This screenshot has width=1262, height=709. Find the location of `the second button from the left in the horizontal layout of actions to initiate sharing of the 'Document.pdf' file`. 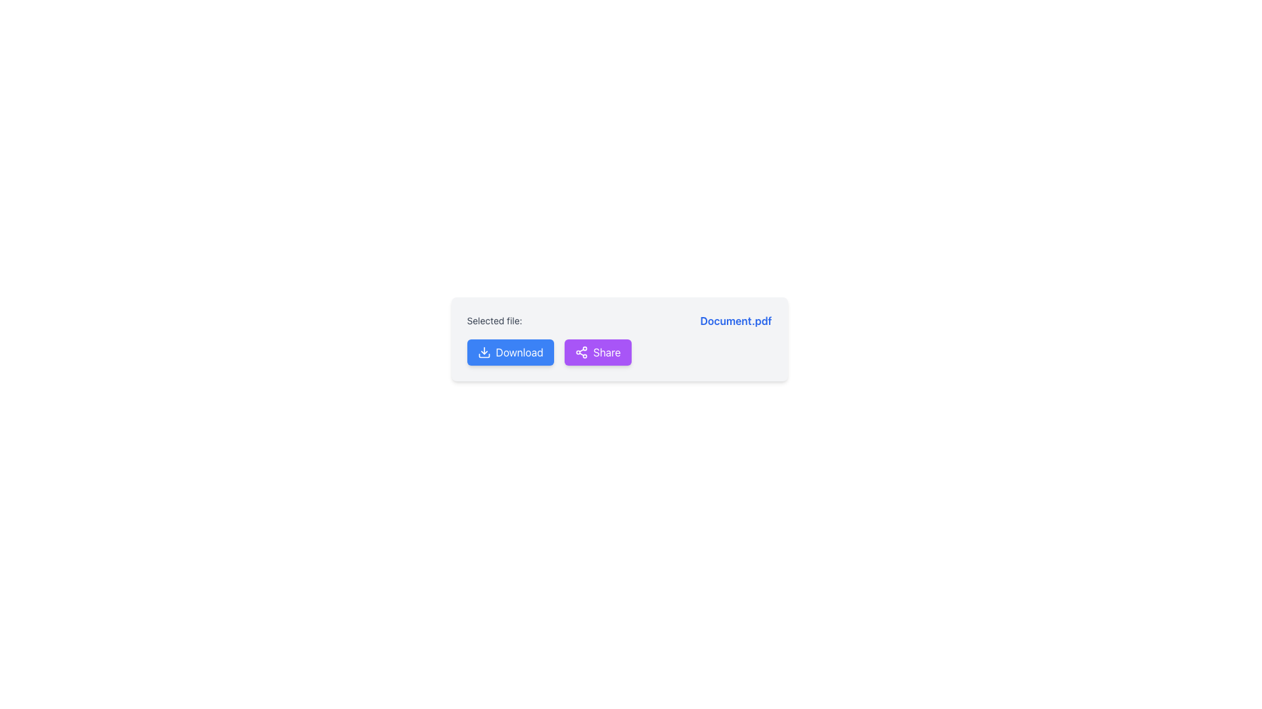

the second button from the left in the horizontal layout of actions to initiate sharing of the 'Document.pdf' file is located at coordinates (619, 338).